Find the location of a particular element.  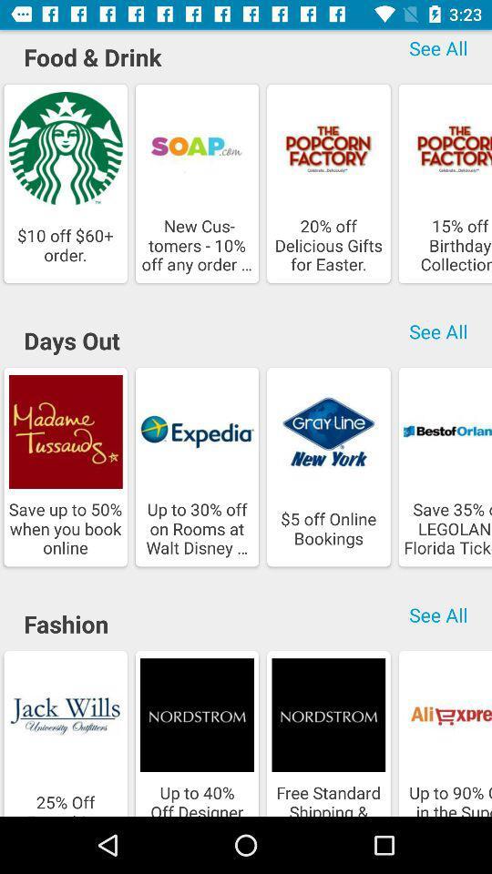

the last option below the fashion is located at coordinates (442, 731).